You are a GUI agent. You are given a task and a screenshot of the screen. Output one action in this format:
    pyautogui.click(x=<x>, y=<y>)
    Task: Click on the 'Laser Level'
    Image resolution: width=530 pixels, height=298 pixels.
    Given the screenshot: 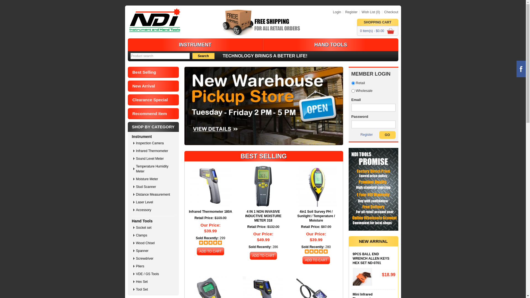 What is the action you would take?
    pyautogui.click(x=154, y=202)
    